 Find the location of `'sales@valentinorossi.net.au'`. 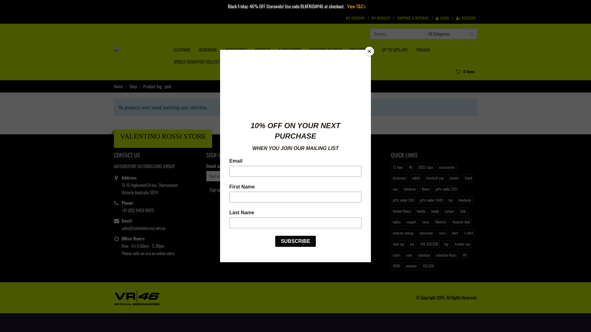

'sales@valentinorossi.net.au' is located at coordinates (143, 228).